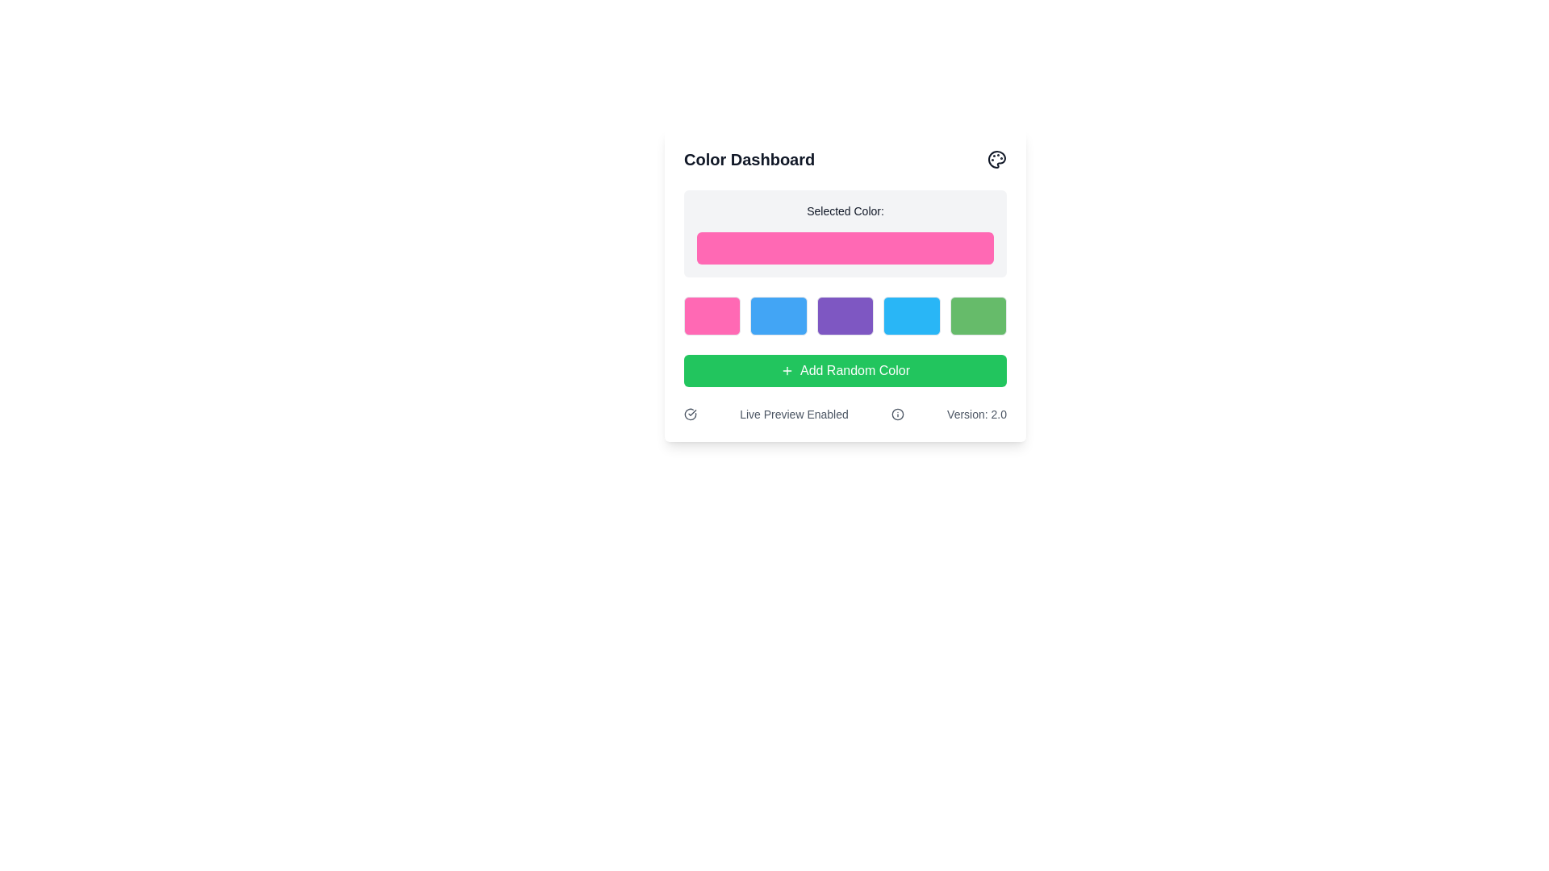 Image resolution: width=1549 pixels, height=871 pixels. I want to click on the circular artist's palette icon located in the top-right corner of the 'Color Dashboard' card interface, so click(996, 159).